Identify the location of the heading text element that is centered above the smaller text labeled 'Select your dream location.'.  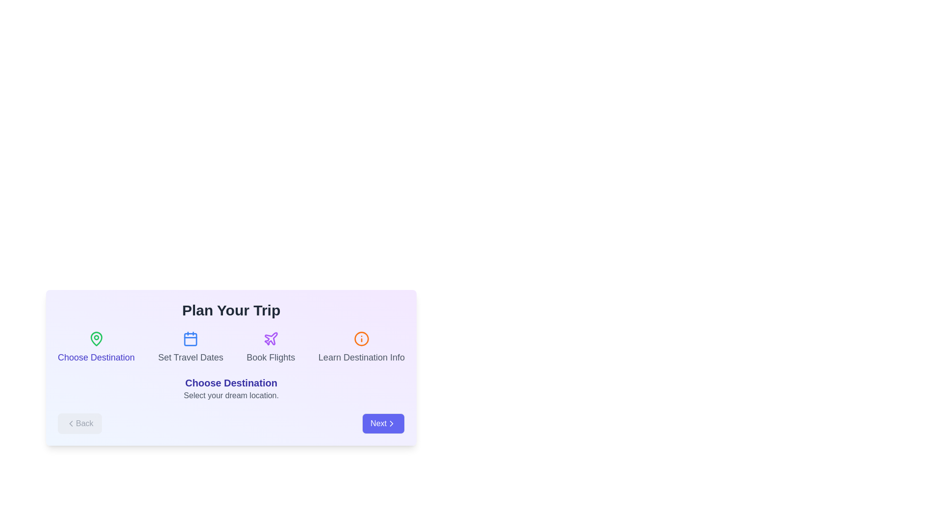
(230, 383).